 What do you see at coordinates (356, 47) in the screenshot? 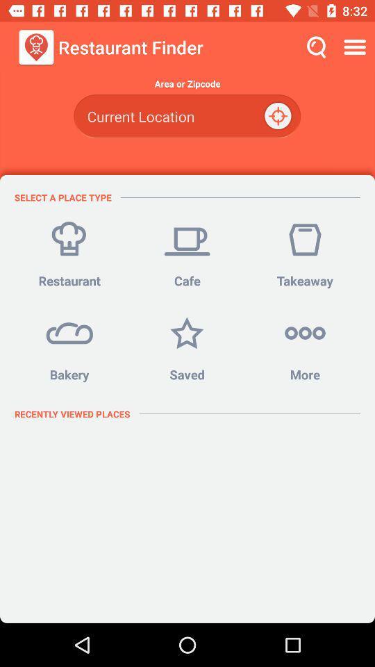
I see `the icon above the area or zipcode icon` at bounding box center [356, 47].